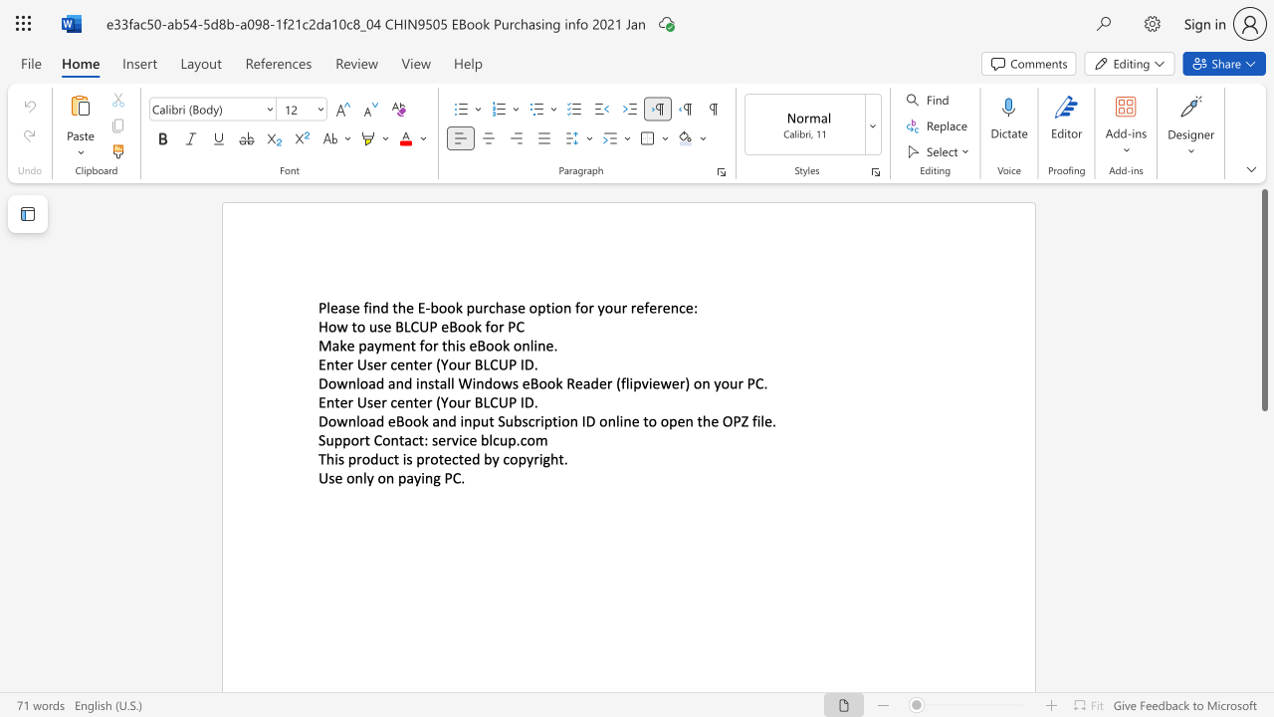 The image size is (1274, 717). I want to click on the scrollbar on the right to shift the page lower, so click(1263, 568).